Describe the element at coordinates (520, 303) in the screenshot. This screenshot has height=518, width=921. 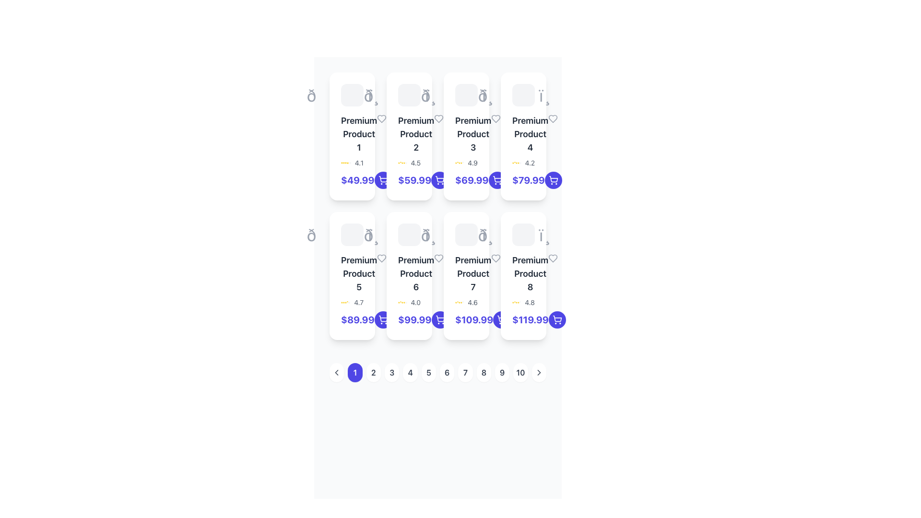
I see `the fifth star icon representing an inactive rating score in the 'Premium Product 8' section` at that location.